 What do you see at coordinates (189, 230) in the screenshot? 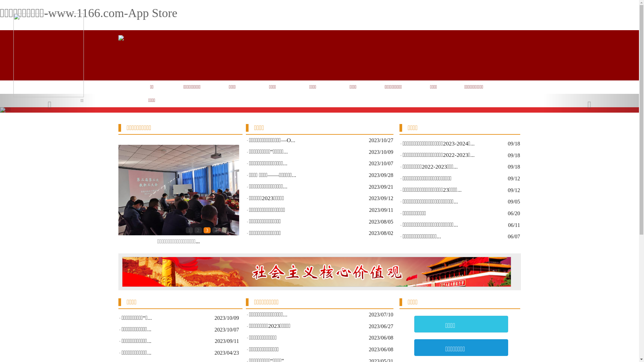
I see `'1'` at bounding box center [189, 230].